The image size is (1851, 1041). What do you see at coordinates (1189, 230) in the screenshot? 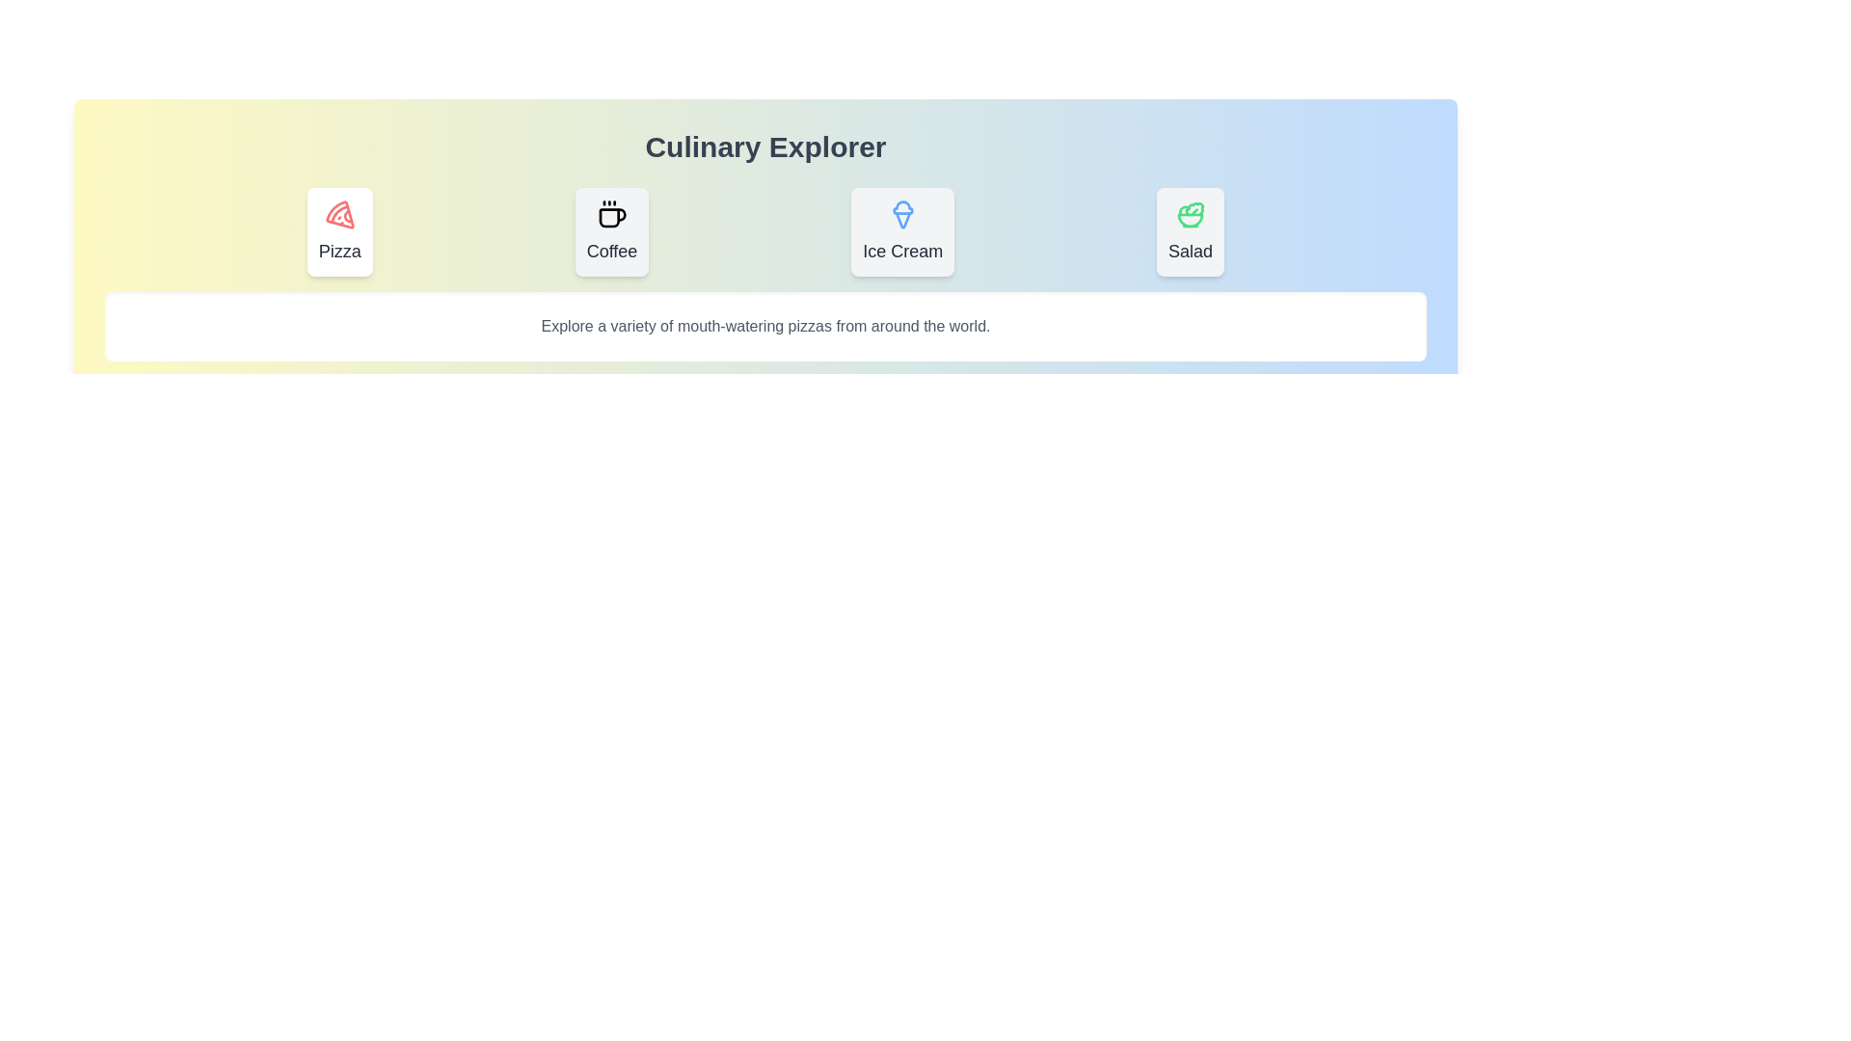
I see `the 'Salad' tab to display its content` at bounding box center [1189, 230].